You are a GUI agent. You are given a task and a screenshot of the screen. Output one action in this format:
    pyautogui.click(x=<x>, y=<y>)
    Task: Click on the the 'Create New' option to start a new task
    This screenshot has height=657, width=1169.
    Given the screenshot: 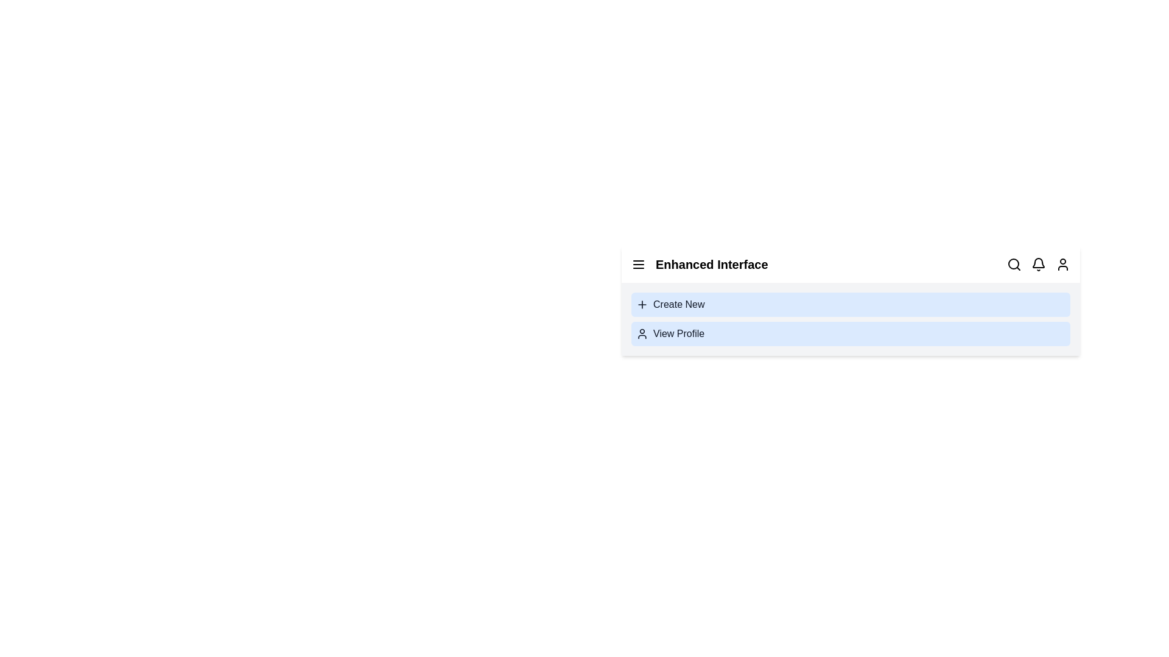 What is the action you would take?
    pyautogui.click(x=850, y=304)
    